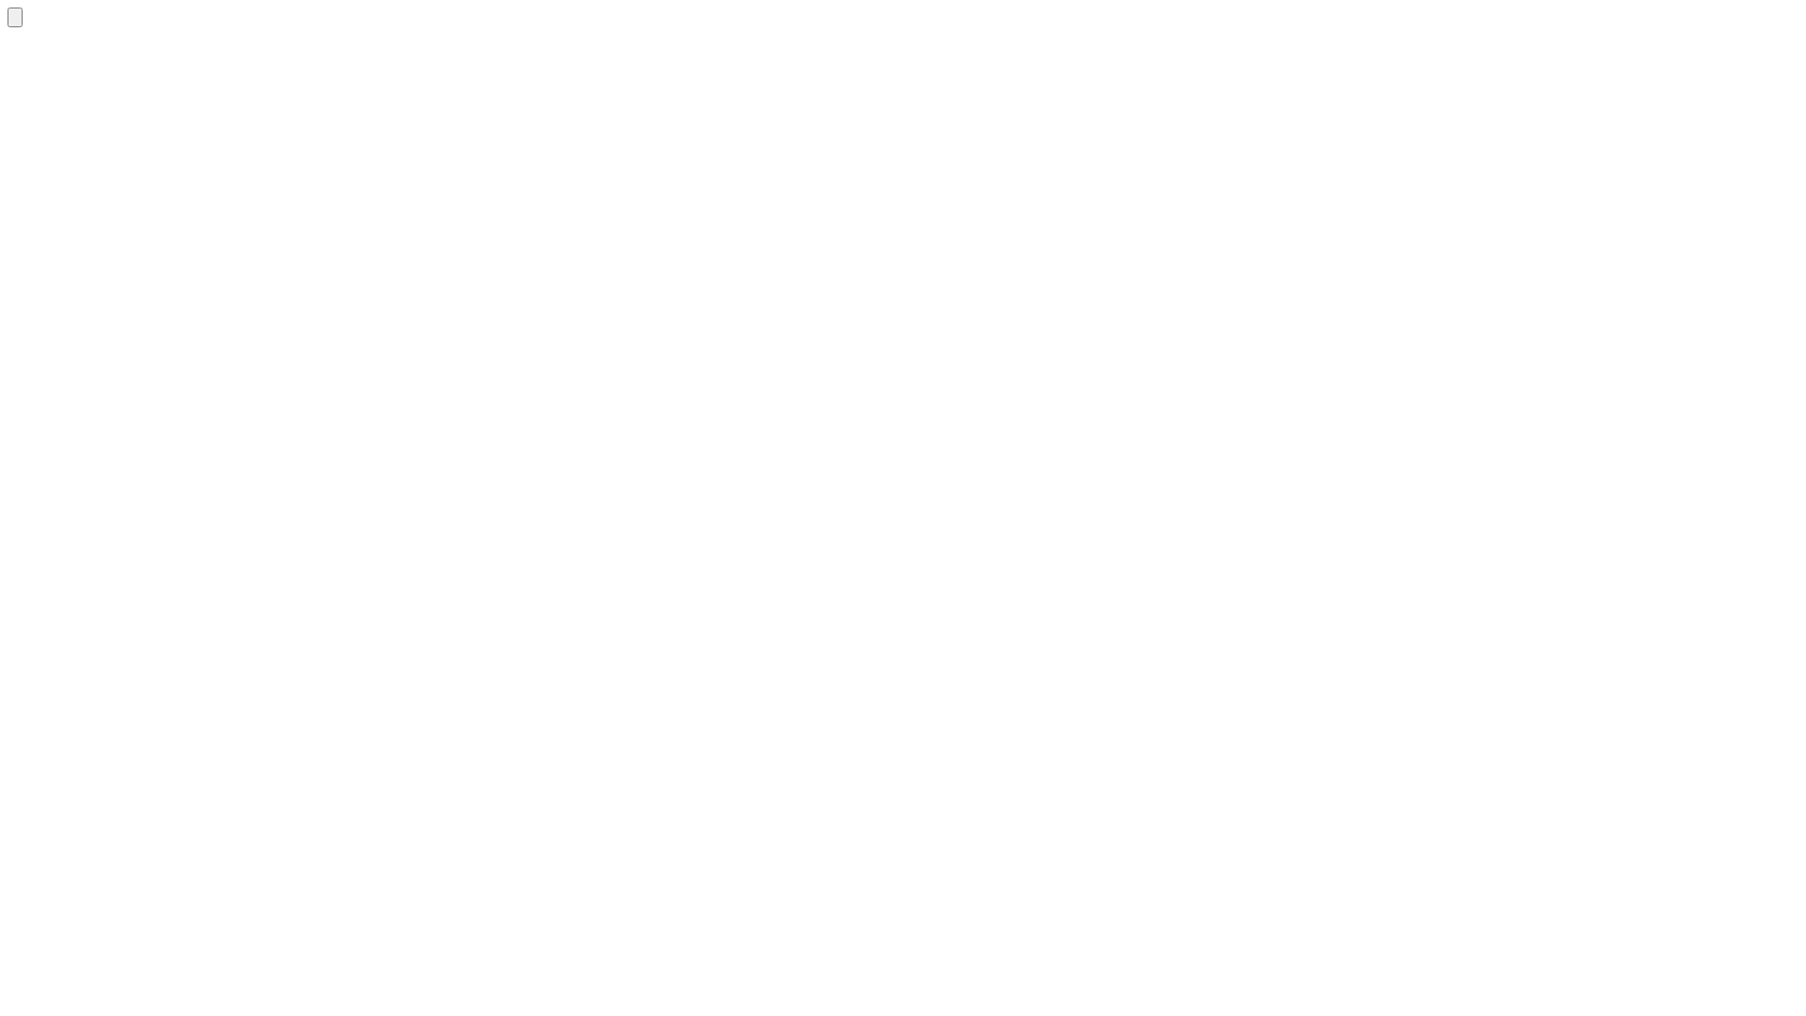 The image size is (1806, 1016). I want to click on 'Audacy Logo', so click(8, 16).